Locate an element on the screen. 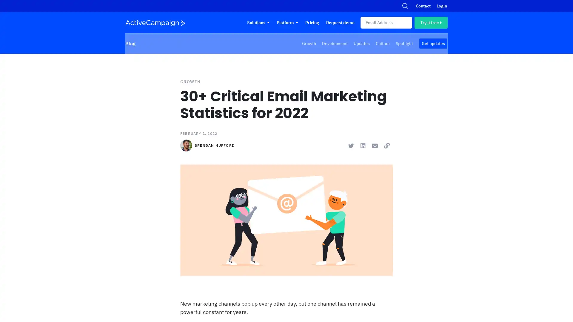 Image resolution: width=573 pixels, height=322 pixels. Show sub menu is located at coordinates (297, 22).